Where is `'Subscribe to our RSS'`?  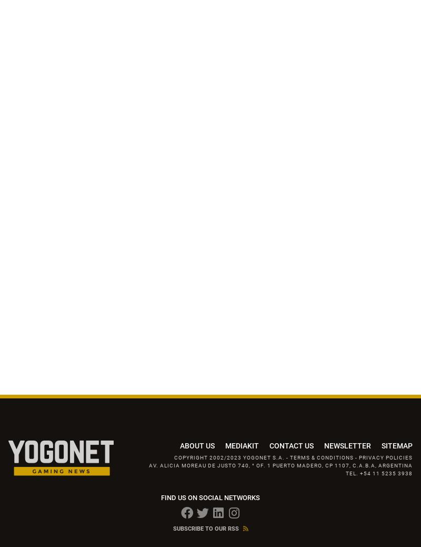
'Subscribe to our RSS' is located at coordinates (172, 529).